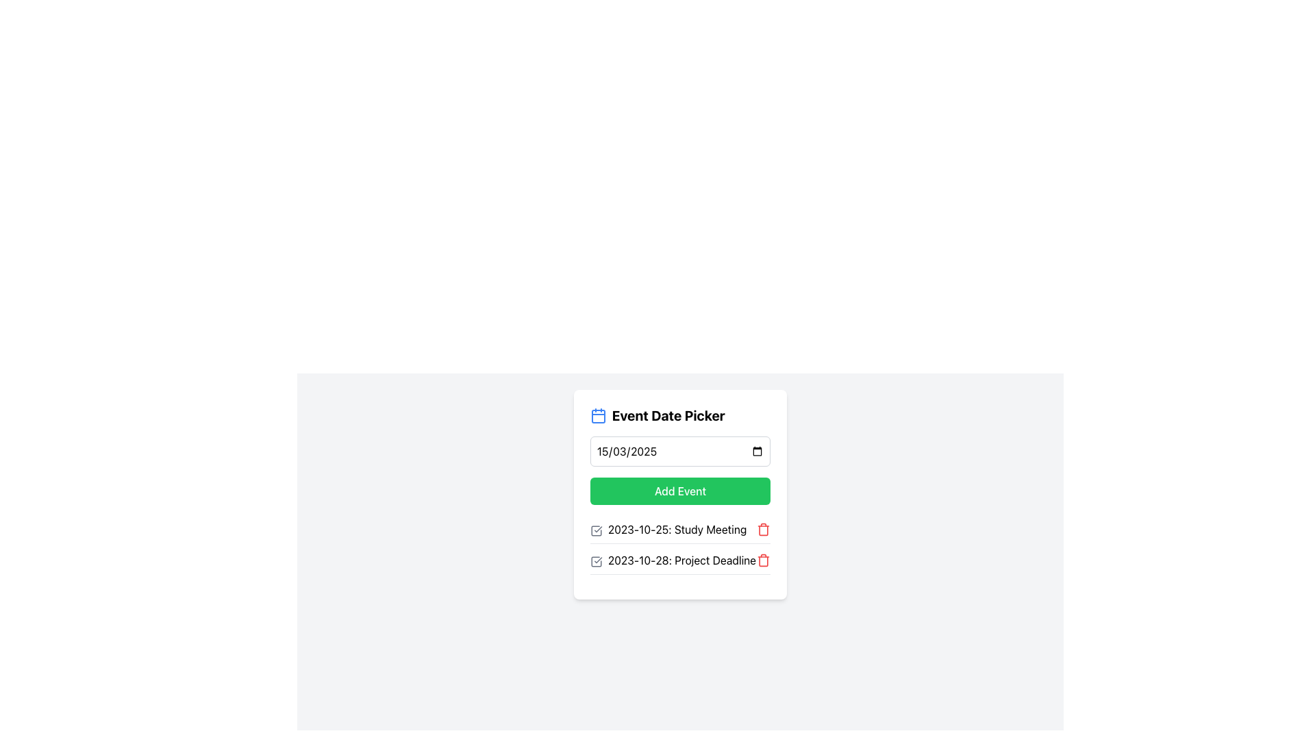 The height and width of the screenshot is (740, 1315). I want to click on the graphical representation of the main content inside the calendar icon, located in the lower part of the calendar icon's depiction, so click(598, 416).